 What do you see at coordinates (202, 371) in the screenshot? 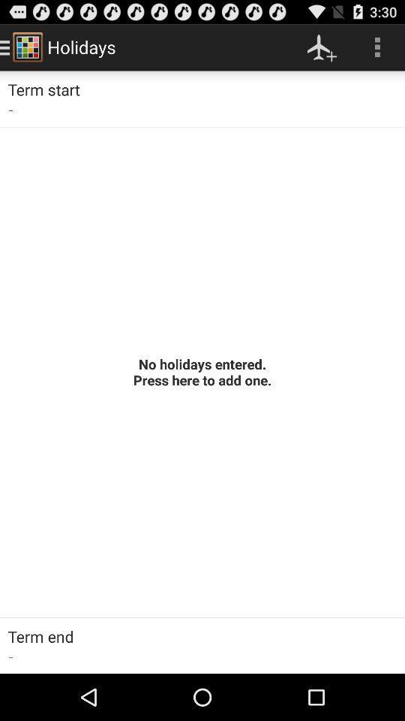
I see `the item below -` at bounding box center [202, 371].